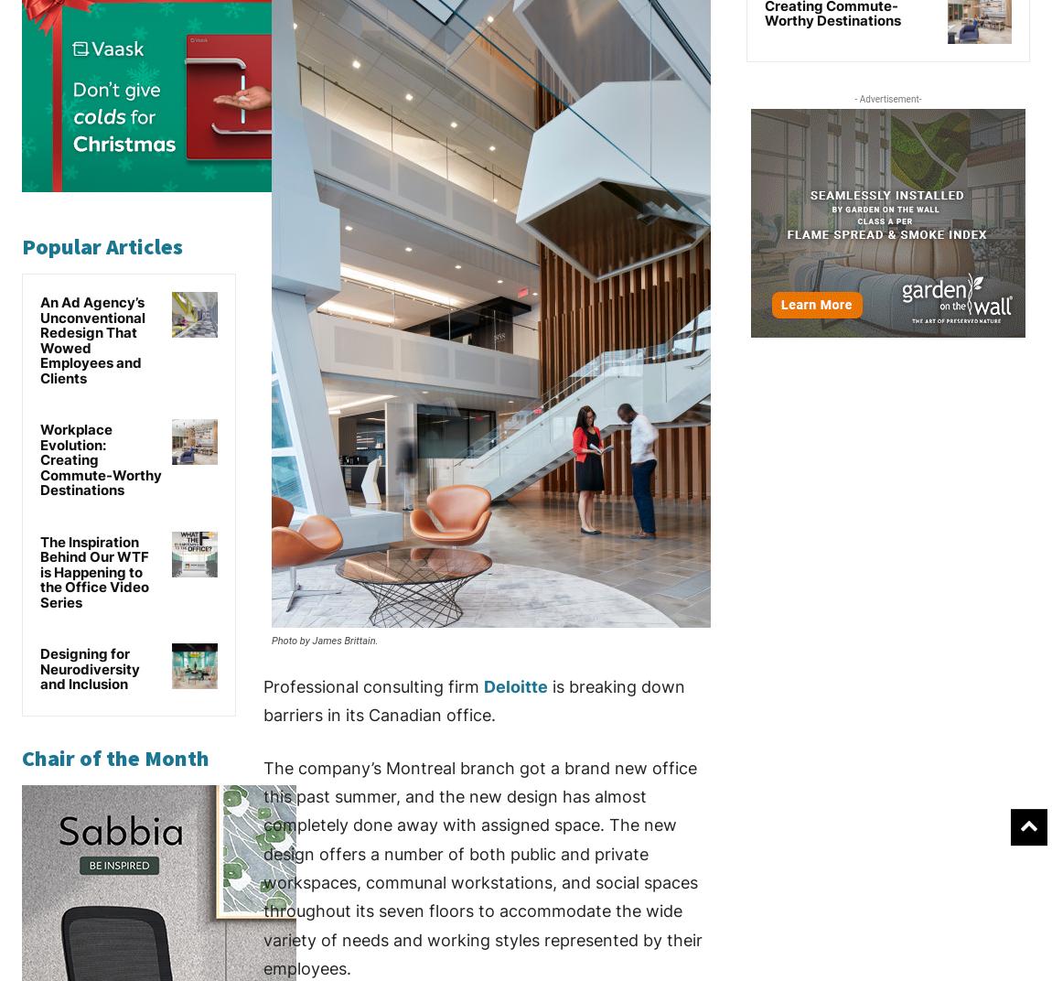 Image resolution: width=1052 pixels, height=981 pixels. Describe the element at coordinates (887, 99) in the screenshot. I see `'- Advertisement-'` at that location.